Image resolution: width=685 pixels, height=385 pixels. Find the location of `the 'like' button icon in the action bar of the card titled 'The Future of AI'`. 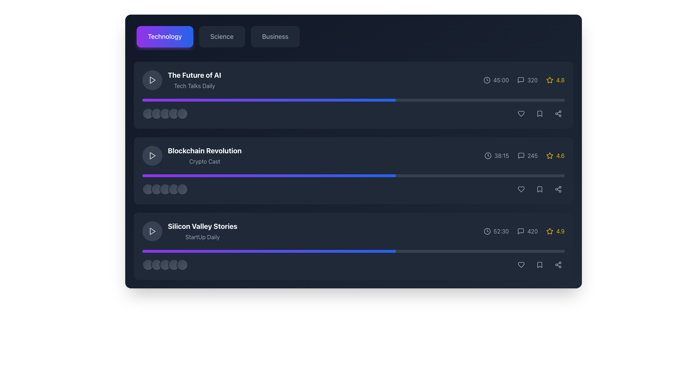

the 'like' button icon in the action bar of the card titled 'The Future of AI' is located at coordinates (521, 113).